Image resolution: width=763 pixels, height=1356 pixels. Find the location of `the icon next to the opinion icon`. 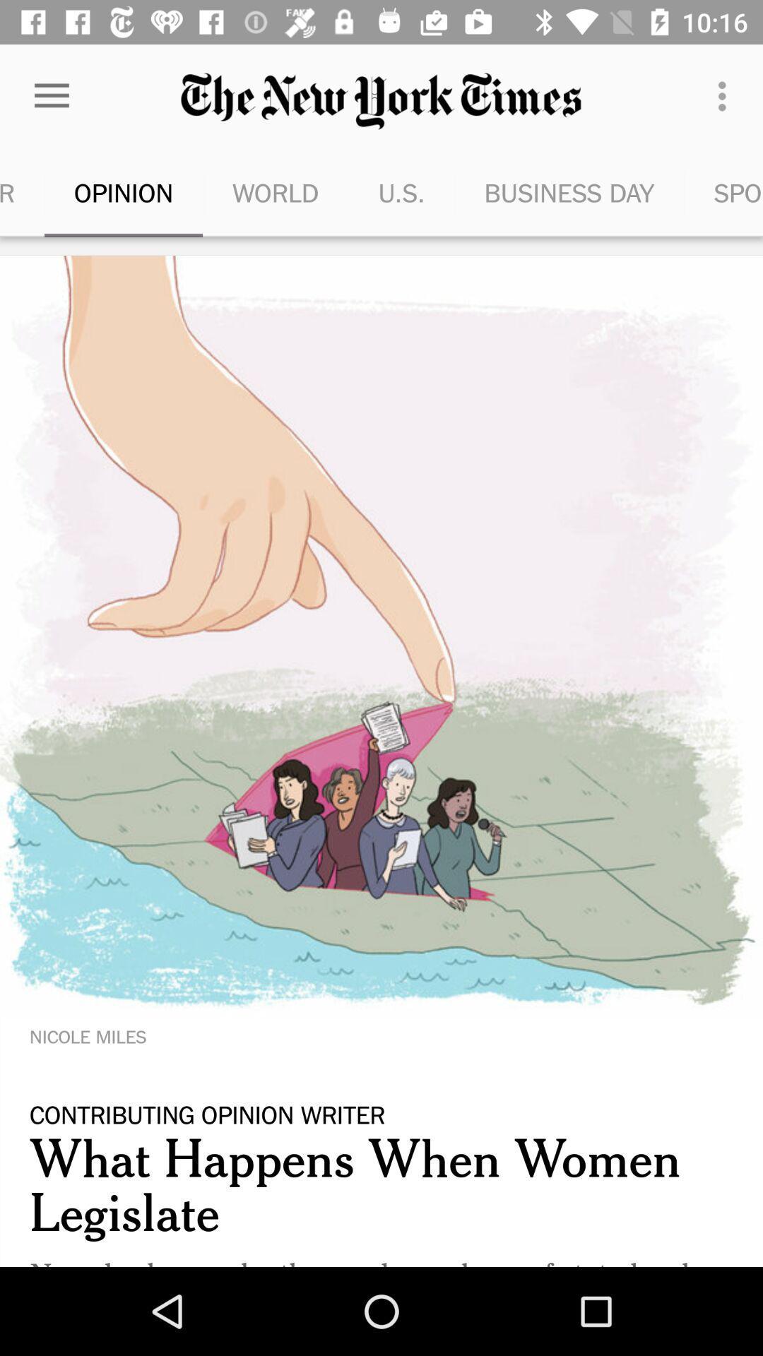

the icon next to the opinion icon is located at coordinates (22, 192).